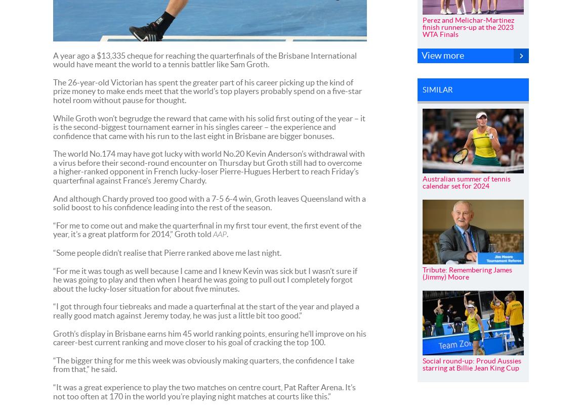 The height and width of the screenshot is (414, 582). Describe the element at coordinates (227, 234) in the screenshot. I see `'.'` at that location.